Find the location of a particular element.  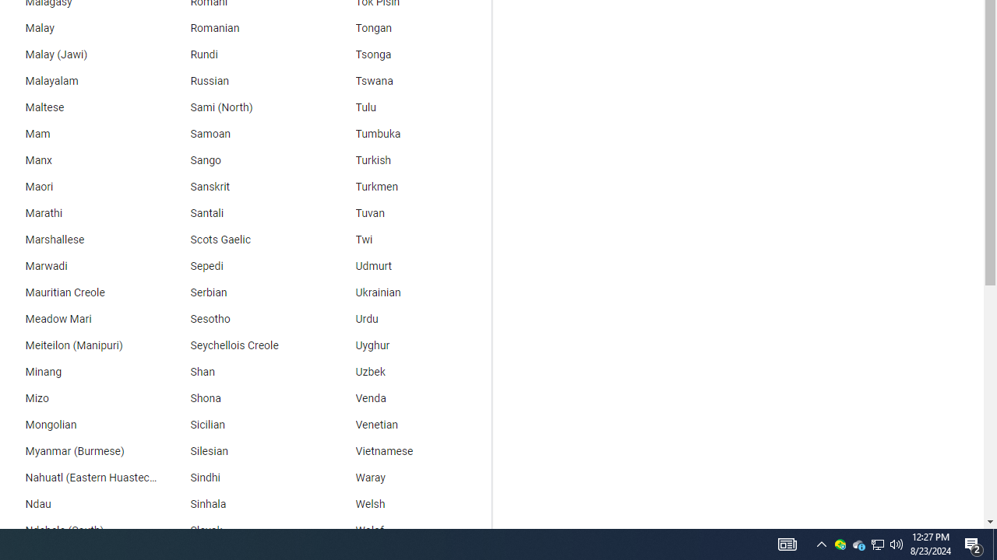

'Scots Gaelic' is located at coordinates (242, 240).